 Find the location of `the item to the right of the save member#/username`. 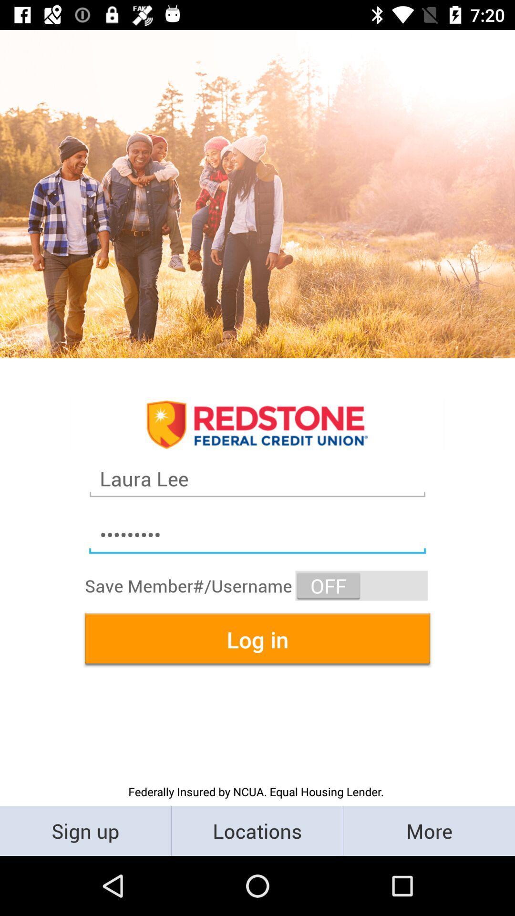

the item to the right of the save member#/username is located at coordinates (361, 585).